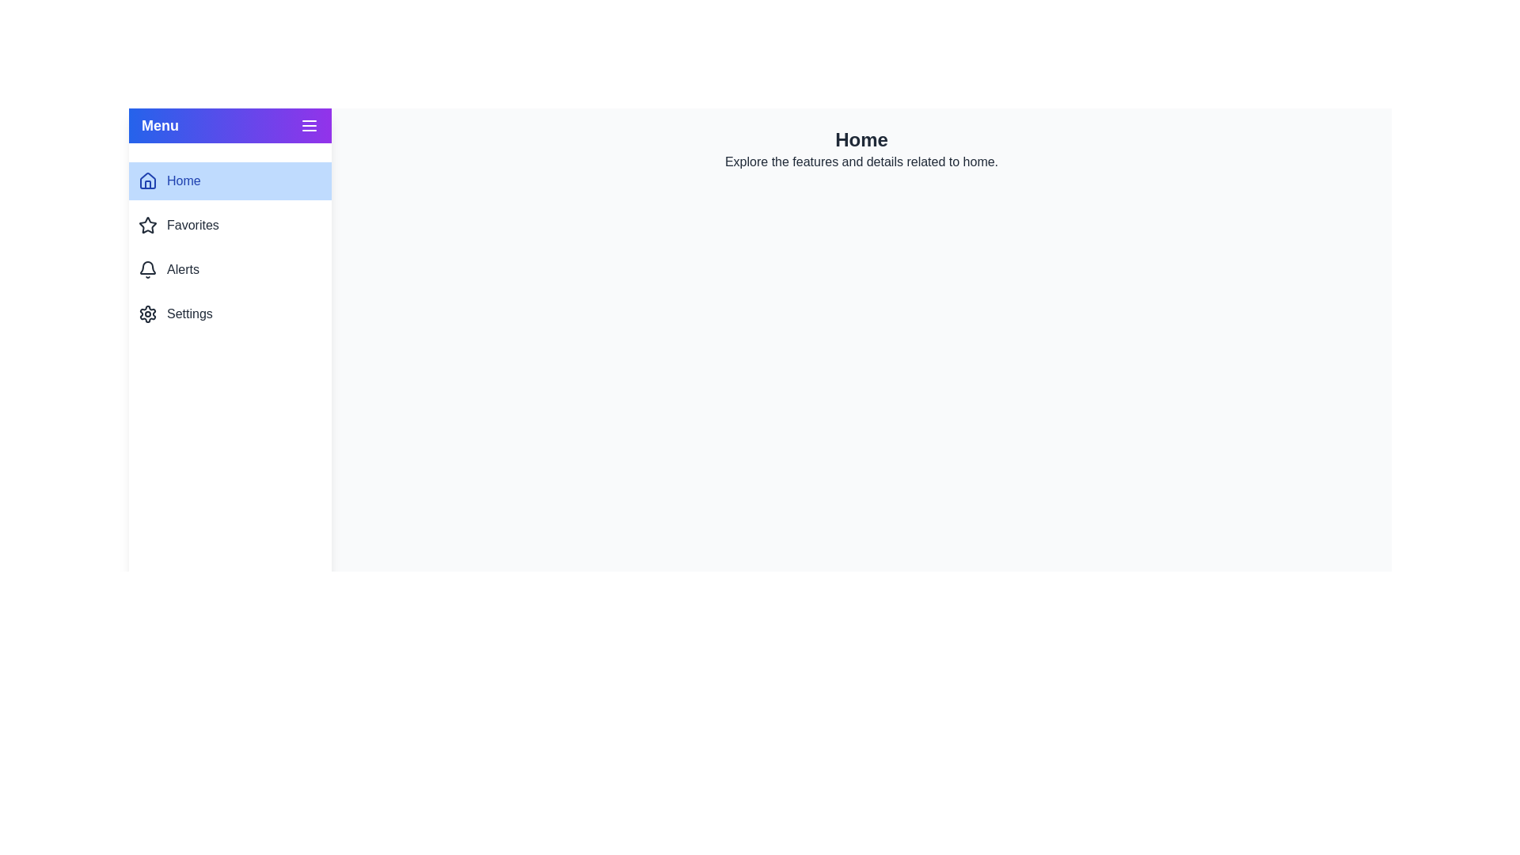 The image size is (1520, 855). Describe the element at coordinates (183, 268) in the screenshot. I see `text label that serves as a guide to the 'Alerts' section in the vertical sidebar menu, positioned below 'Favorites' and above 'Settings', with a bell icon adjacent to it` at that location.